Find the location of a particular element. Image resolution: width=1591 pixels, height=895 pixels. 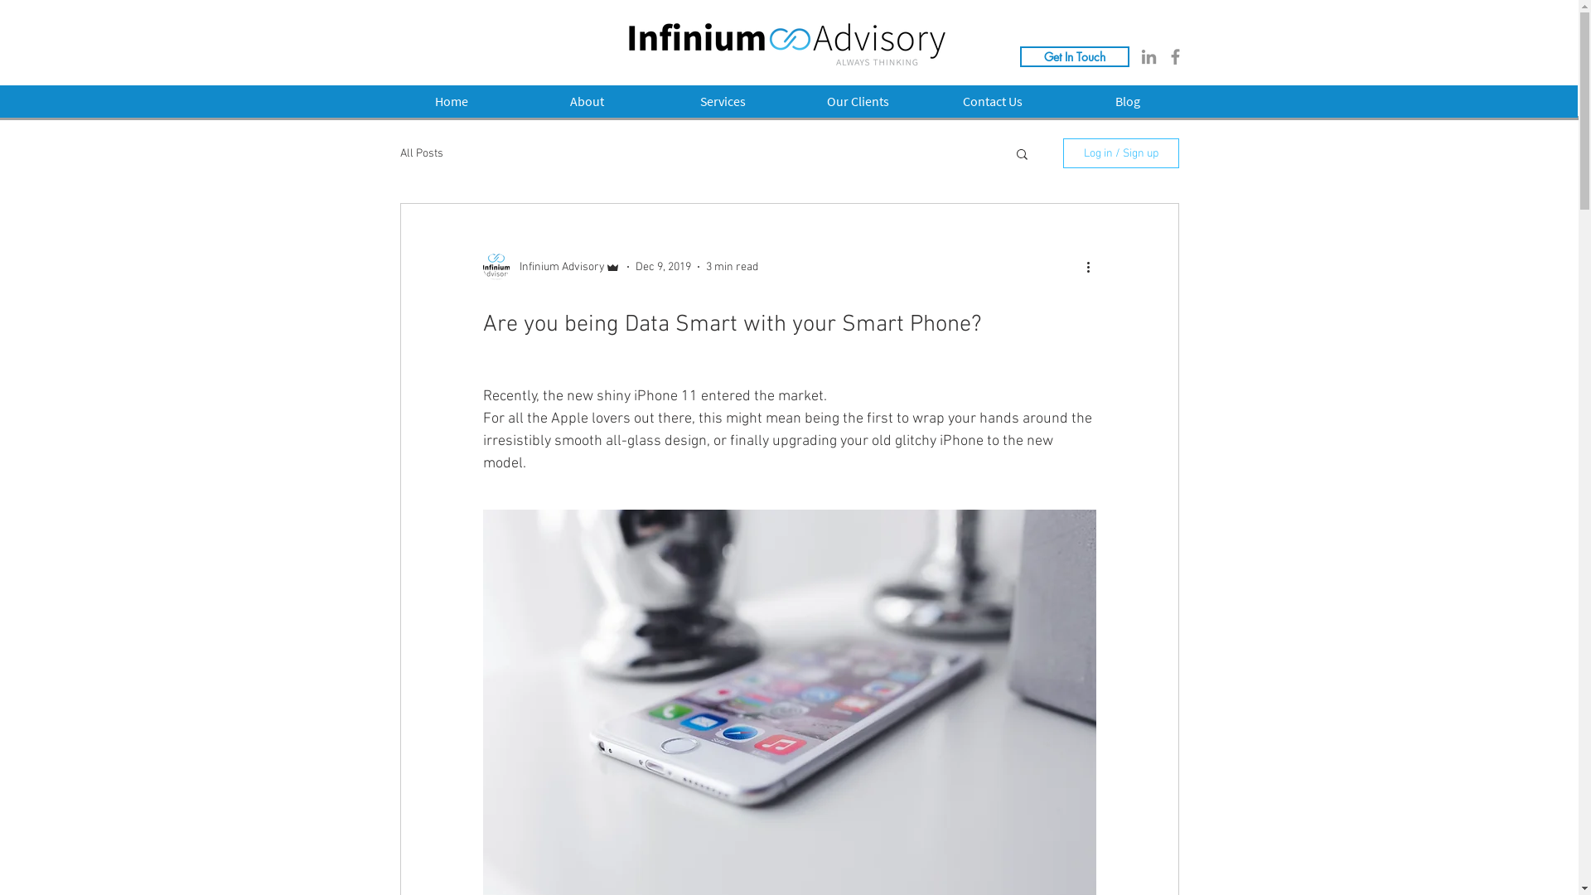

'About' is located at coordinates (587, 101).